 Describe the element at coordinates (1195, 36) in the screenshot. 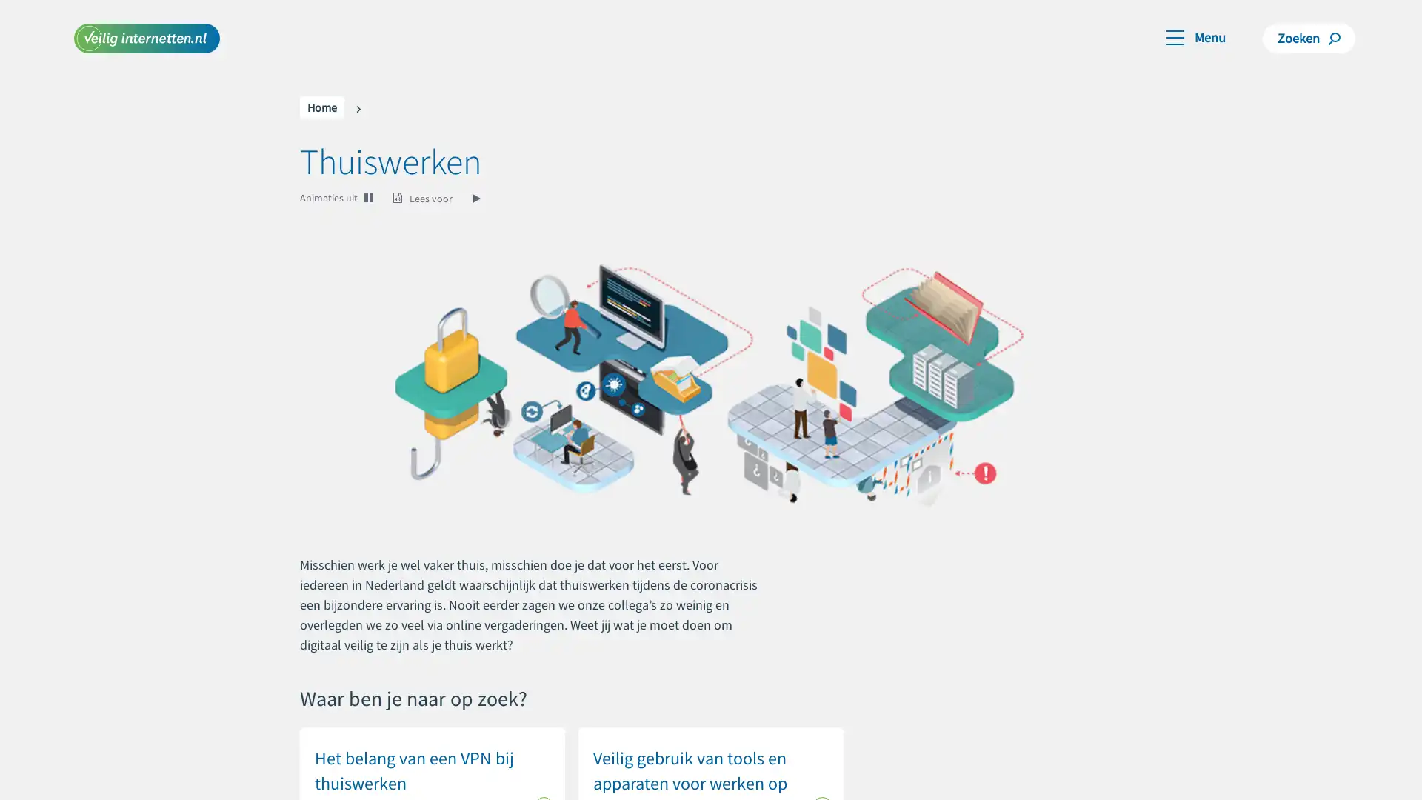

I see `Toggle navigation Menu` at that location.